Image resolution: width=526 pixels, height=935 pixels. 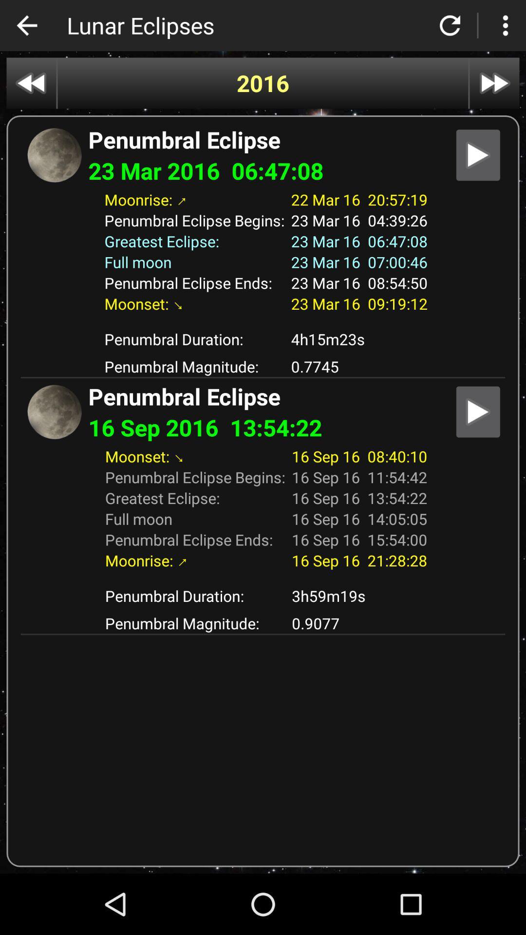 What do you see at coordinates (505, 25) in the screenshot?
I see `settings` at bounding box center [505, 25].